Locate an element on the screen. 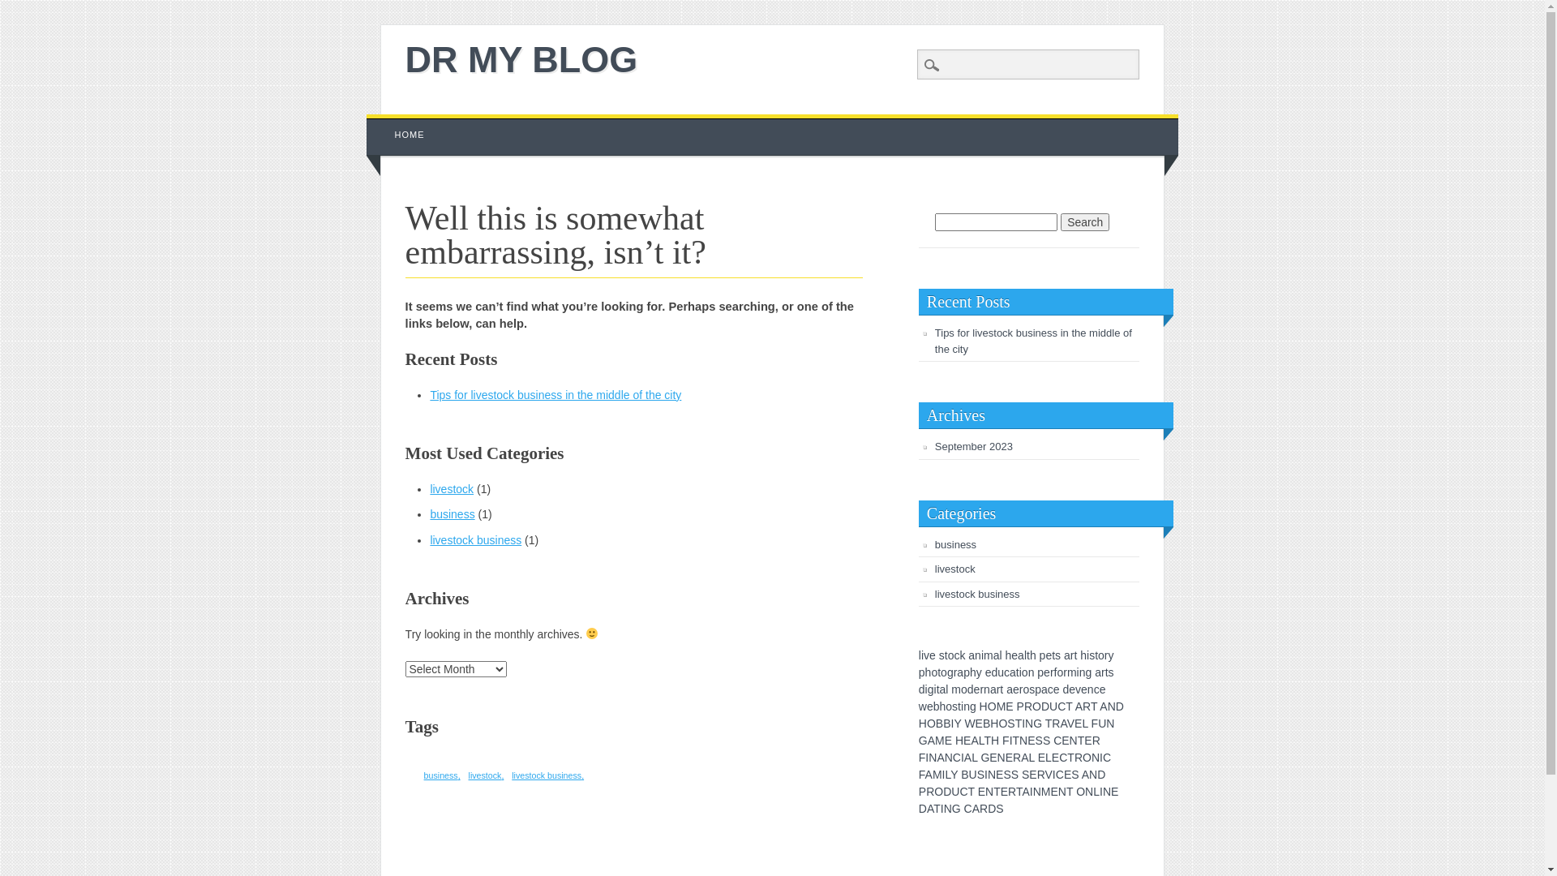 The width and height of the screenshot is (1557, 876). 'DR MY BLOG' is located at coordinates (521, 58).